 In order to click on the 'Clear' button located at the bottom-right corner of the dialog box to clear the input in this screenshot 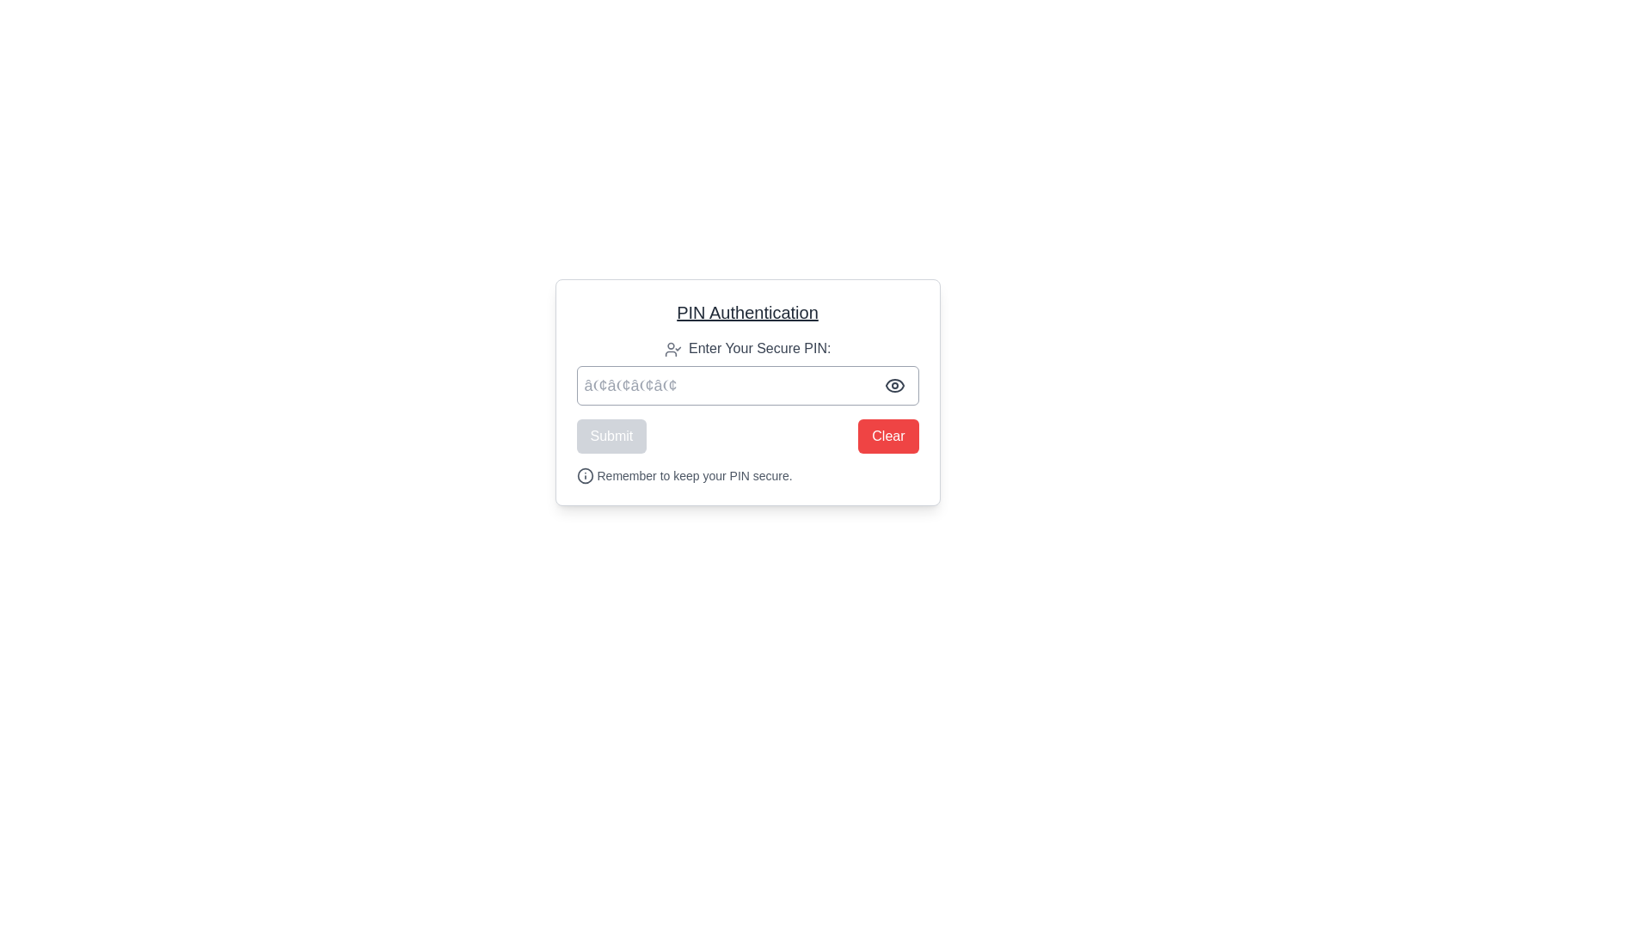, I will do `click(888, 436)`.